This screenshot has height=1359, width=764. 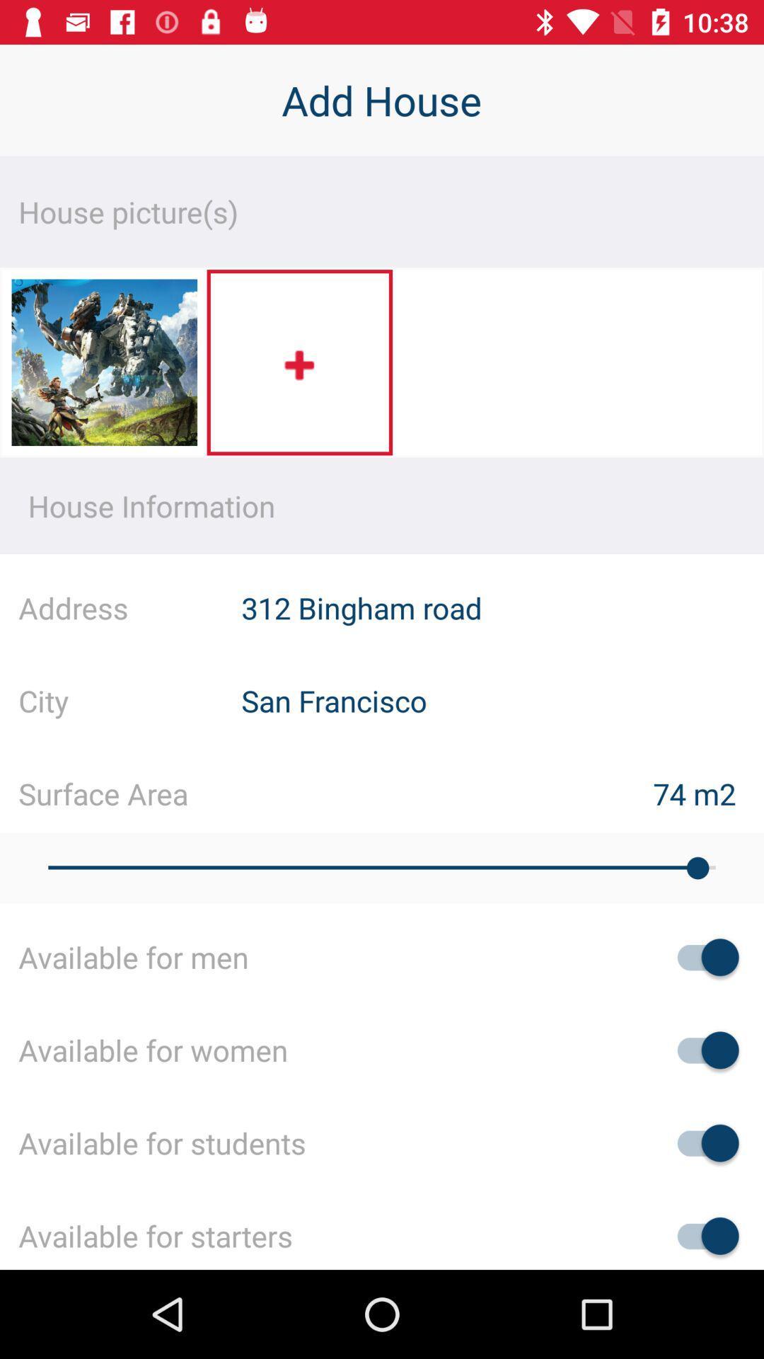 What do you see at coordinates (103, 367) in the screenshot?
I see `item below house picture(s)` at bounding box center [103, 367].